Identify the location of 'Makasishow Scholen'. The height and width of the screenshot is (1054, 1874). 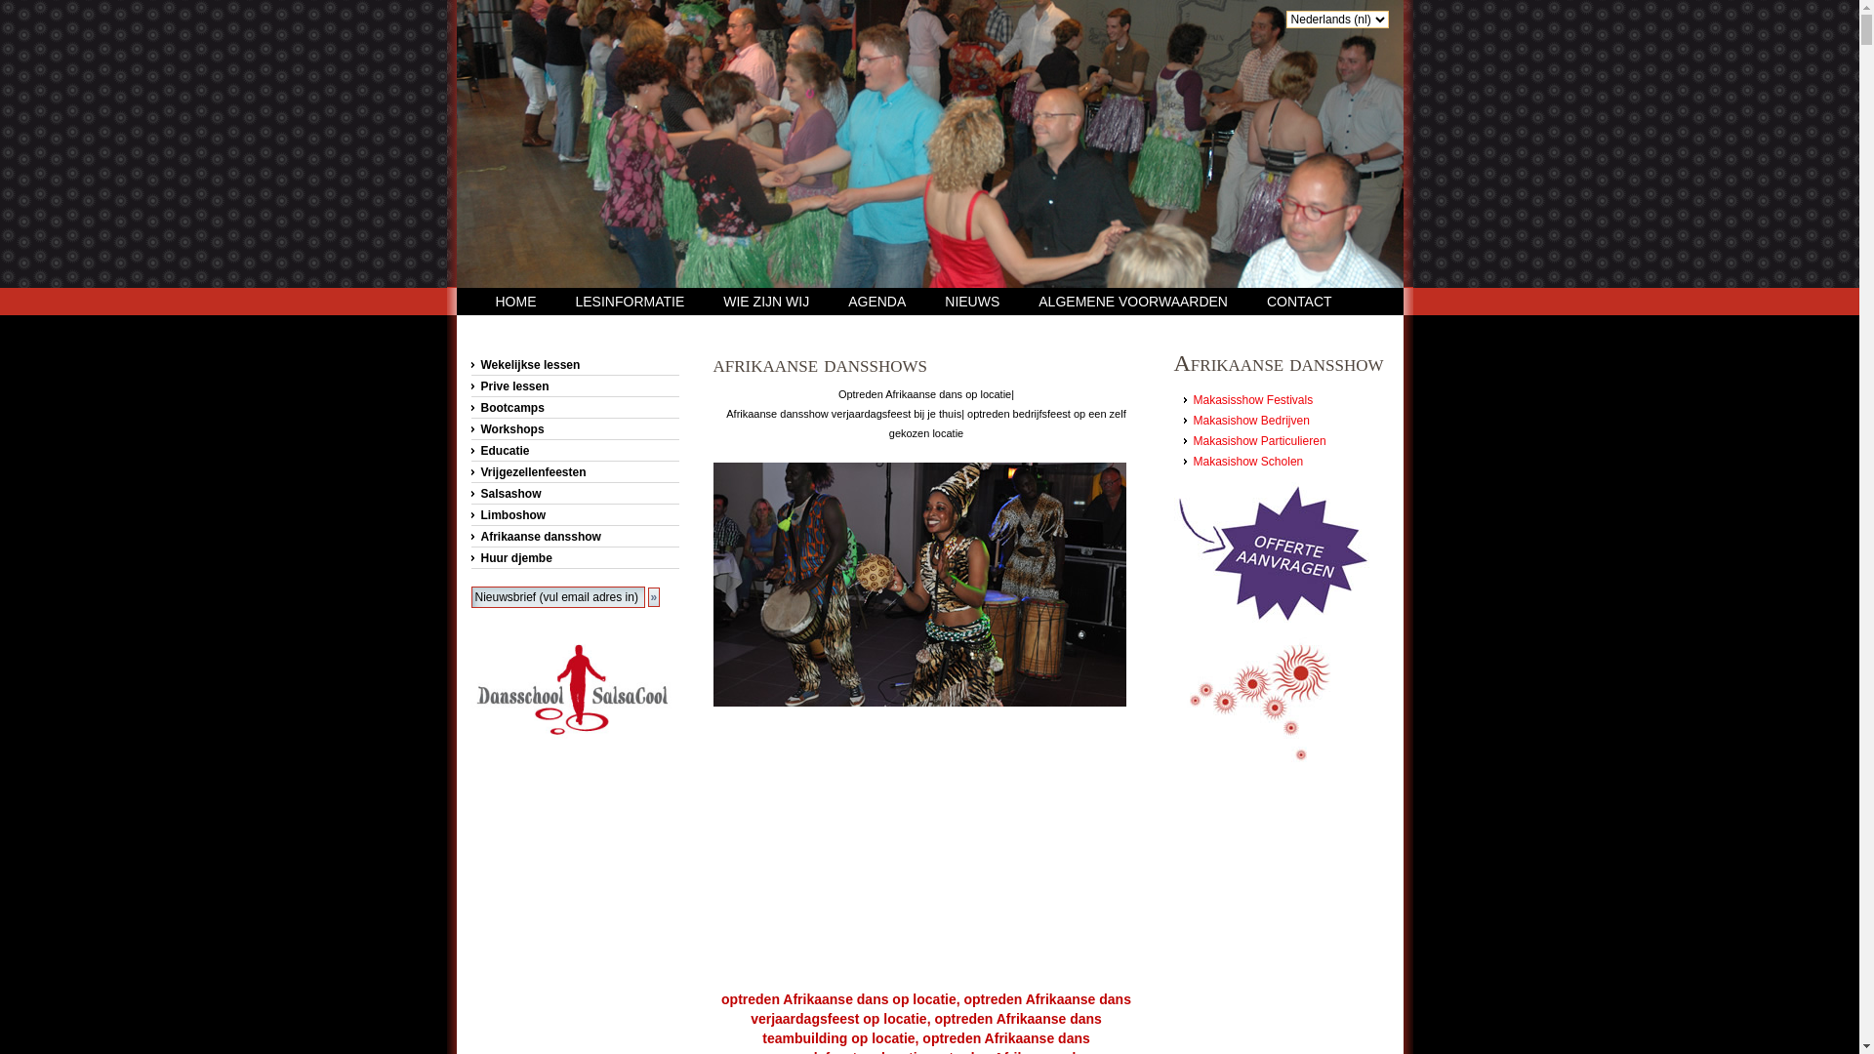
(1246, 462).